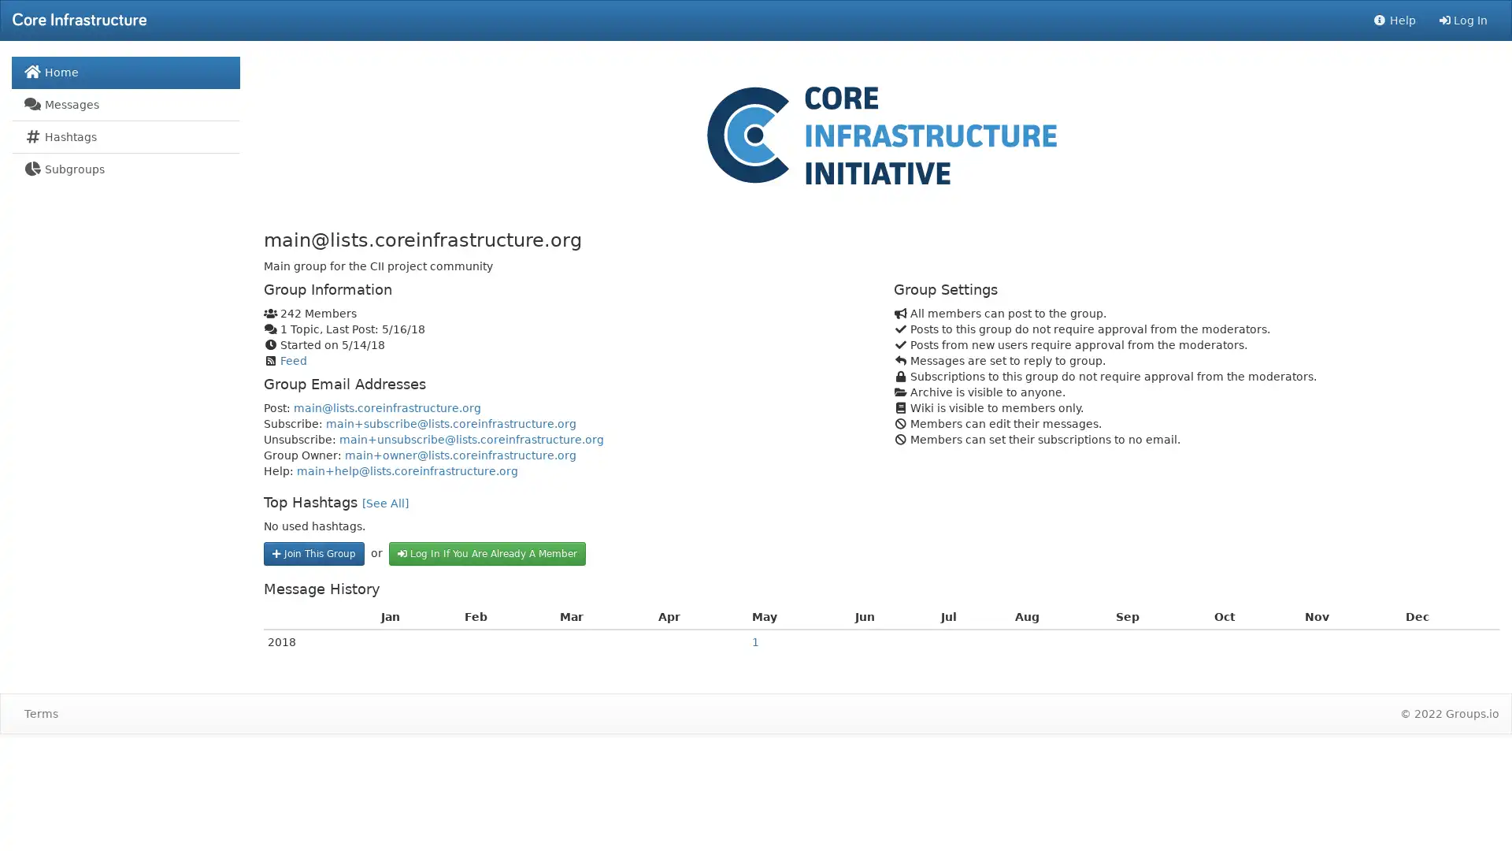 This screenshot has width=1512, height=851. What do you see at coordinates (313, 552) in the screenshot?
I see `Join This Group` at bounding box center [313, 552].